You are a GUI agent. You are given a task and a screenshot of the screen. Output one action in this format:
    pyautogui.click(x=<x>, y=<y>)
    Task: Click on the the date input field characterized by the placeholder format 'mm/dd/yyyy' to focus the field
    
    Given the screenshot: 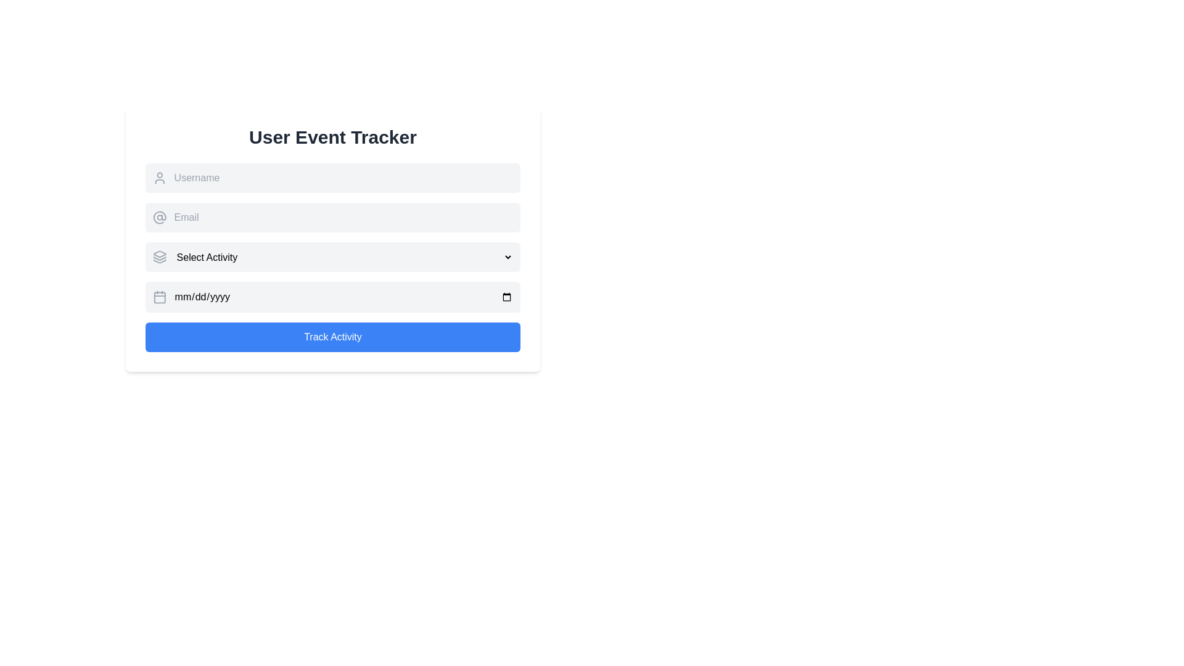 What is the action you would take?
    pyautogui.click(x=343, y=297)
    